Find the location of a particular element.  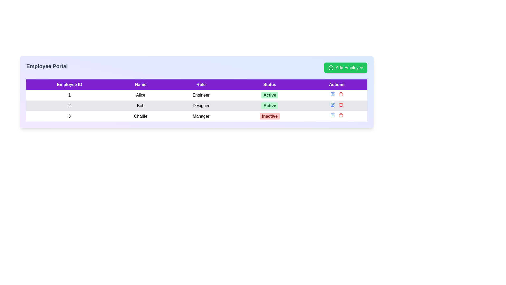

the 'Inactive' status label in the last row of the table under the 'Status' column associated with 'Charlie' the Manager is located at coordinates (270, 116).